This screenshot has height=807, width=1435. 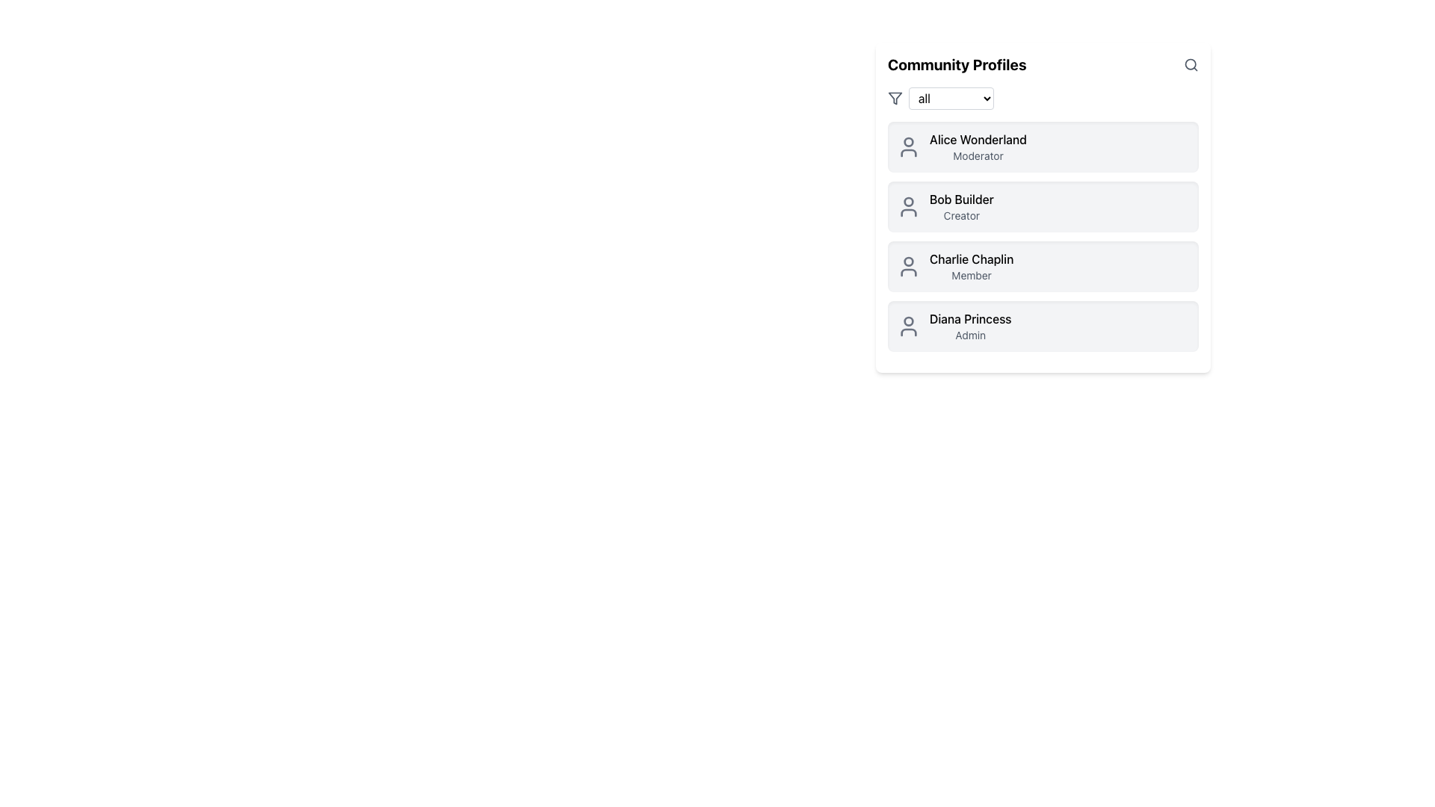 What do you see at coordinates (907, 261) in the screenshot?
I see `the styles or effects of the profile icon representing a user's head, which is a circular SVG element located to the left of the text 'Charlie Chaplin' in the third profile entry of the 'Community Profiles' list` at bounding box center [907, 261].